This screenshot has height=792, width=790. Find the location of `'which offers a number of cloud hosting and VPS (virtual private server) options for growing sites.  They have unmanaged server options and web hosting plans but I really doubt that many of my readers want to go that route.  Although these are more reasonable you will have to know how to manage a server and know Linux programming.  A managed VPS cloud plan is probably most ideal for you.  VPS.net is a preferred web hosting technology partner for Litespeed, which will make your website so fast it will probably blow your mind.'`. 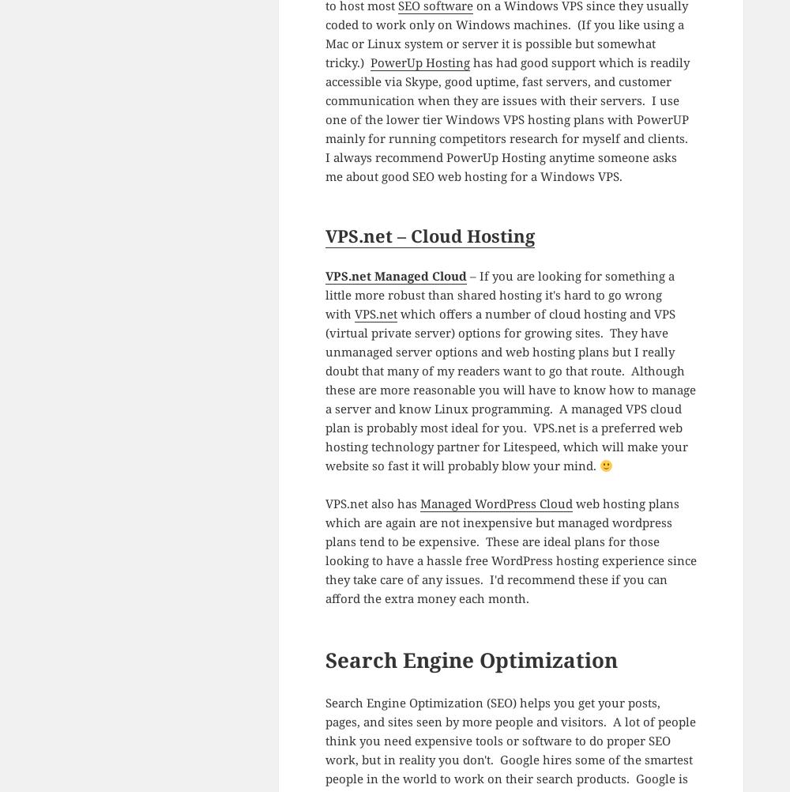

'which offers a number of cloud hosting and VPS (virtual private server) options for growing sites.  They have unmanaged server options and web hosting plans but I really doubt that many of my readers want to go that route.  Although these are more reasonable you will have to know how to manage a server and know Linux programming.  A managed VPS cloud plan is probably most ideal for you.  VPS.net is a preferred web hosting technology partner for Litespeed, which will make your website so fast it will probably blow your mind.' is located at coordinates (510, 388).